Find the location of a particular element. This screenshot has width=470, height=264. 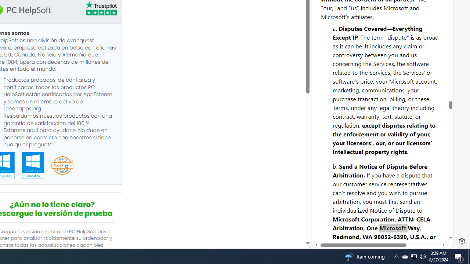

'Windows 10 Compatible' is located at coordinates (32, 165).